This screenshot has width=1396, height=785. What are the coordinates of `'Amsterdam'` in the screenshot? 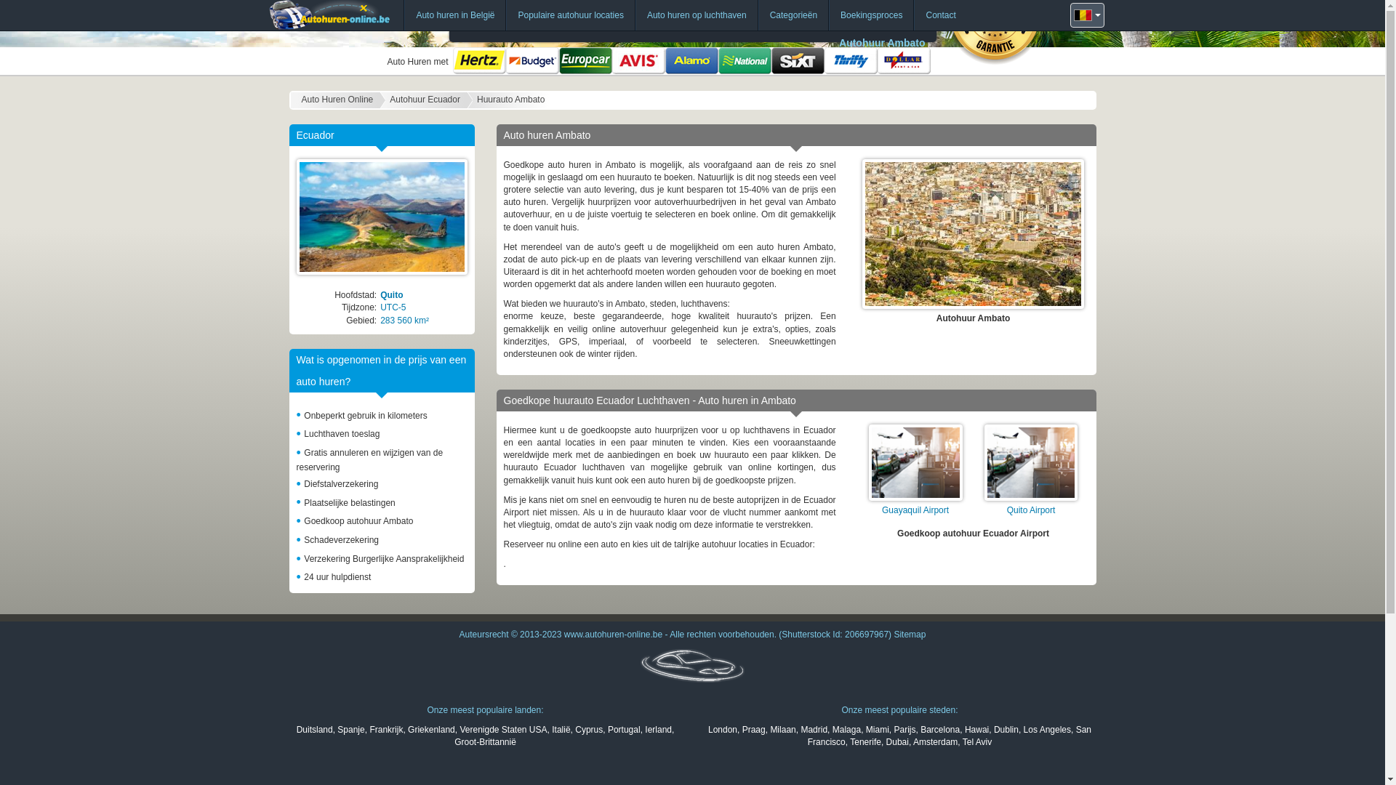 It's located at (912, 742).